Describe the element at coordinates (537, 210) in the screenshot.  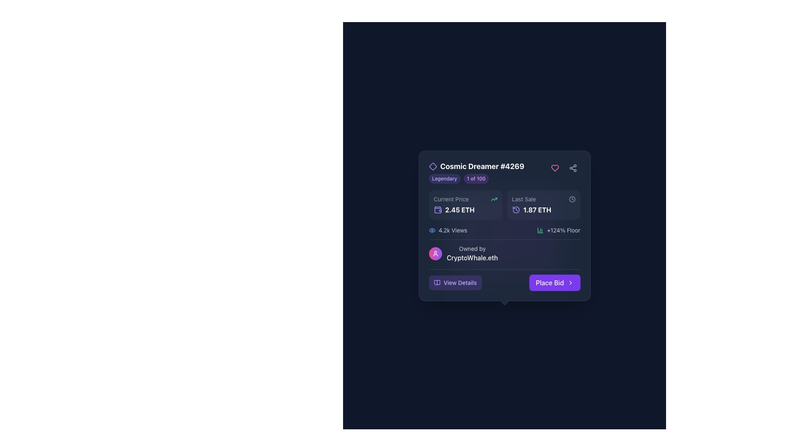
I see `the value of the Text Indicator displaying '1.87 ETH' within the 'Last Sale' section of the 'Cosmic Dreamer #4269' card` at that location.